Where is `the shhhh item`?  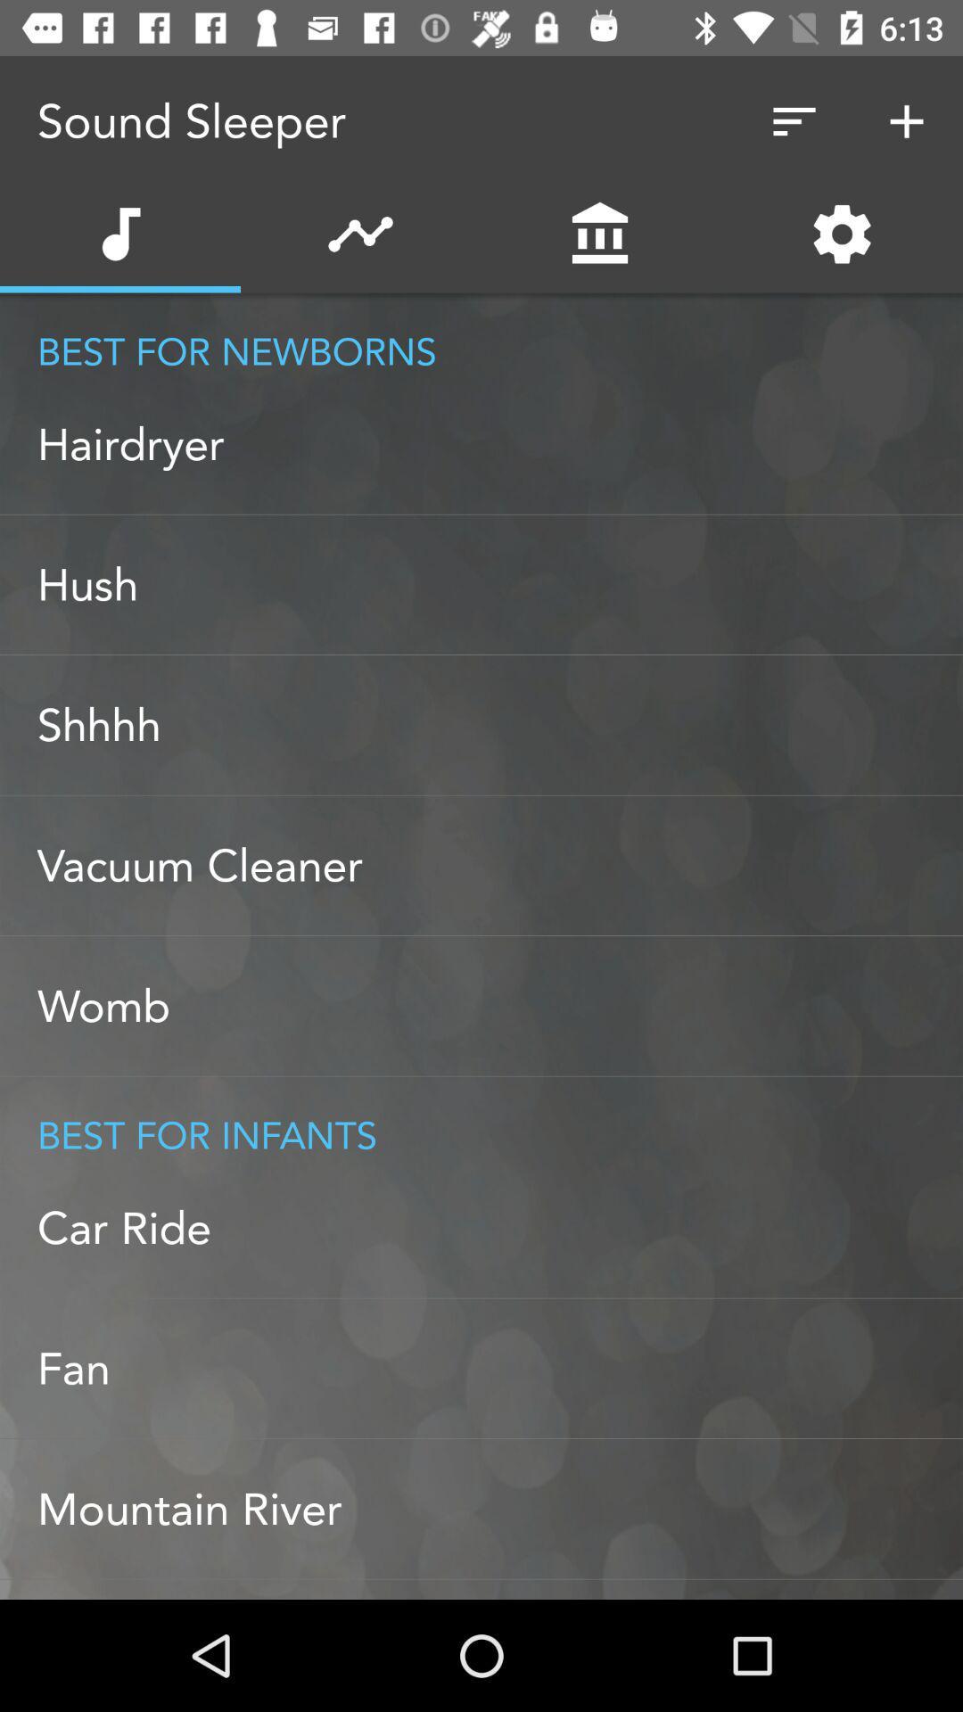
the shhhh item is located at coordinates (499, 725).